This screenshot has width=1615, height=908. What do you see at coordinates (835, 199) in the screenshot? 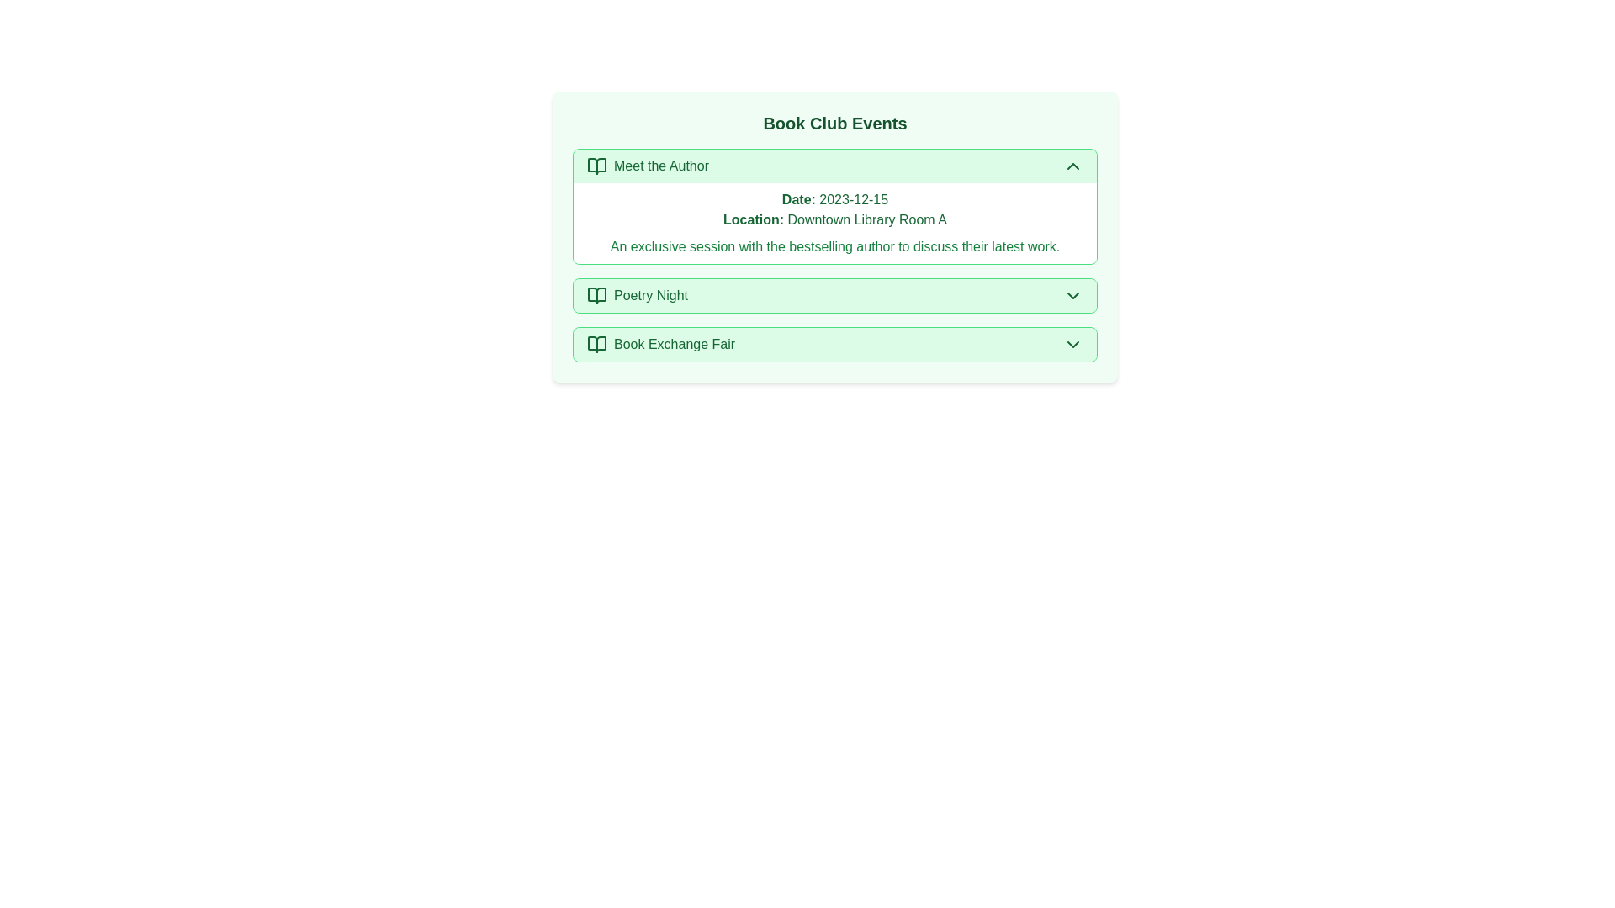
I see `static text label that displays the date of the event, located above the 'Location: Downtown Library Room A' line in the 'Meet the Author' section of the 'Book Club Events' interface` at bounding box center [835, 199].